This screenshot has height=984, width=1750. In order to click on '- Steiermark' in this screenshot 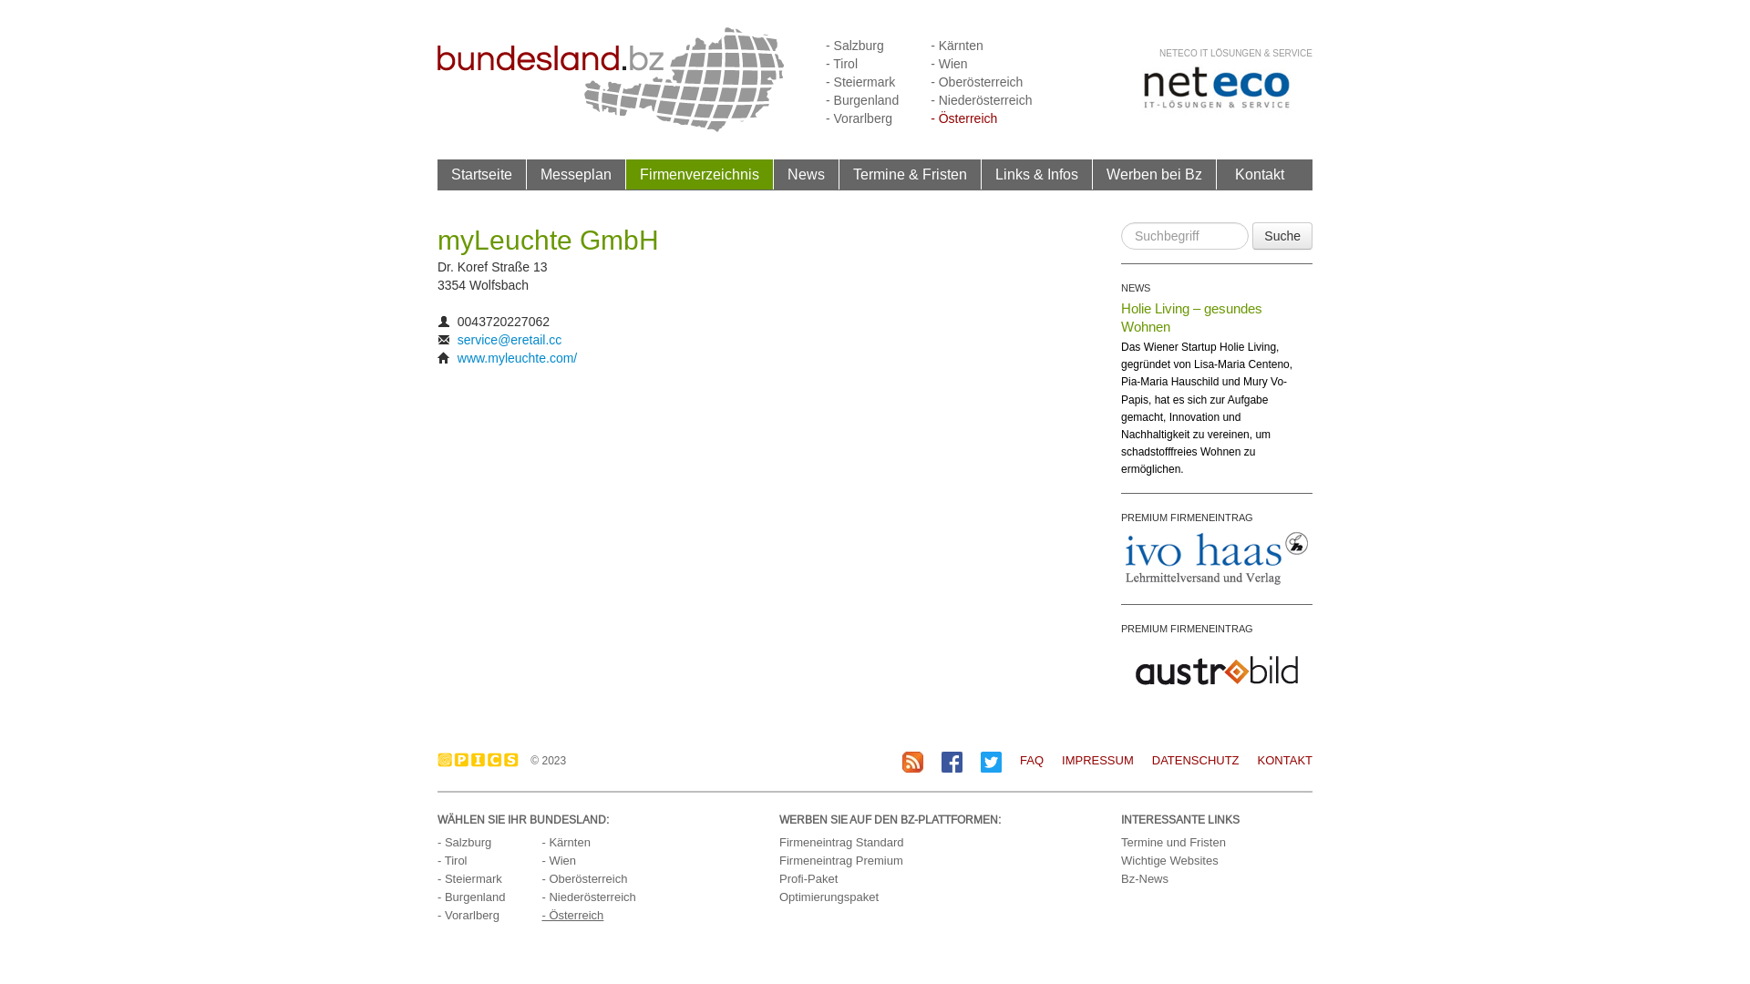, I will do `click(437, 876)`.